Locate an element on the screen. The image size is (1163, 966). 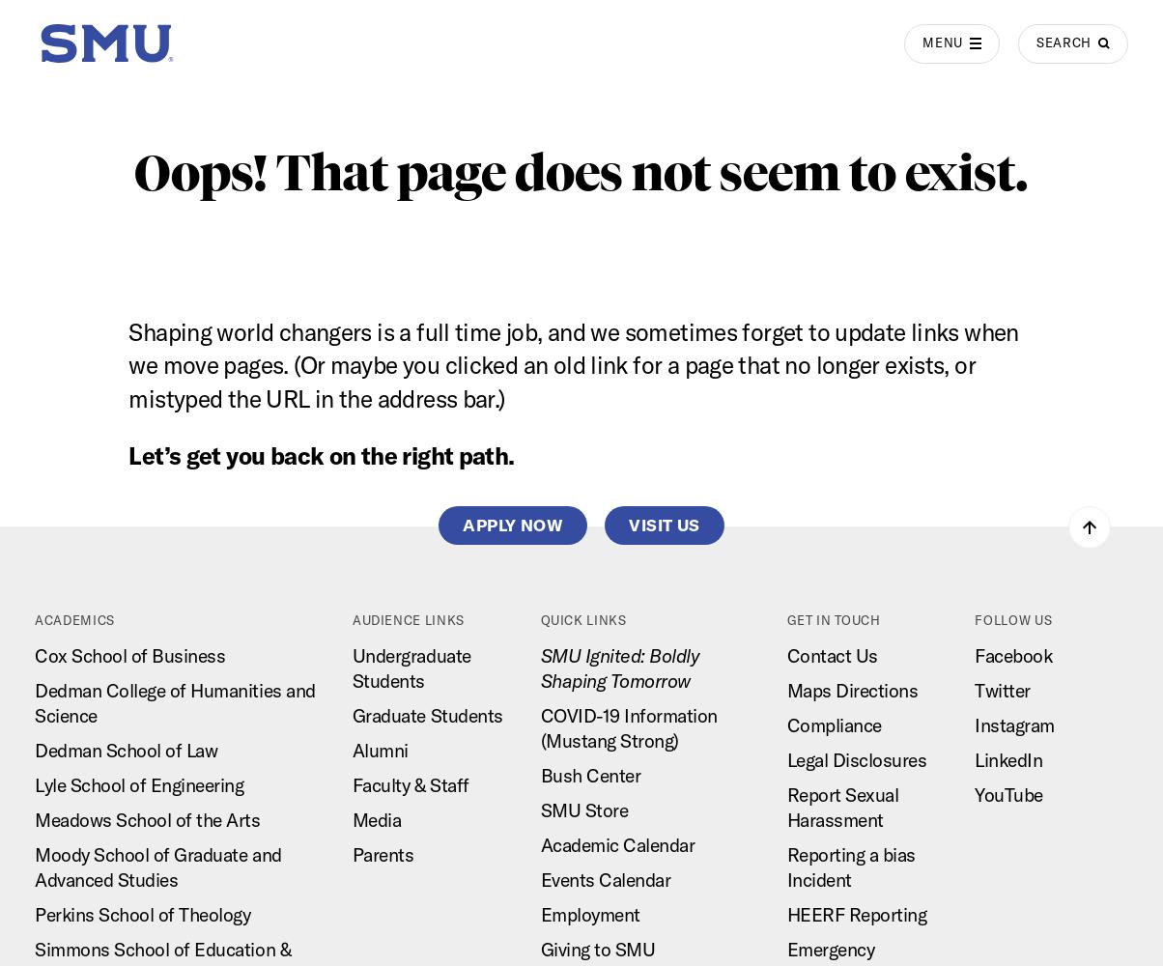
'Instagram' is located at coordinates (1014, 724).